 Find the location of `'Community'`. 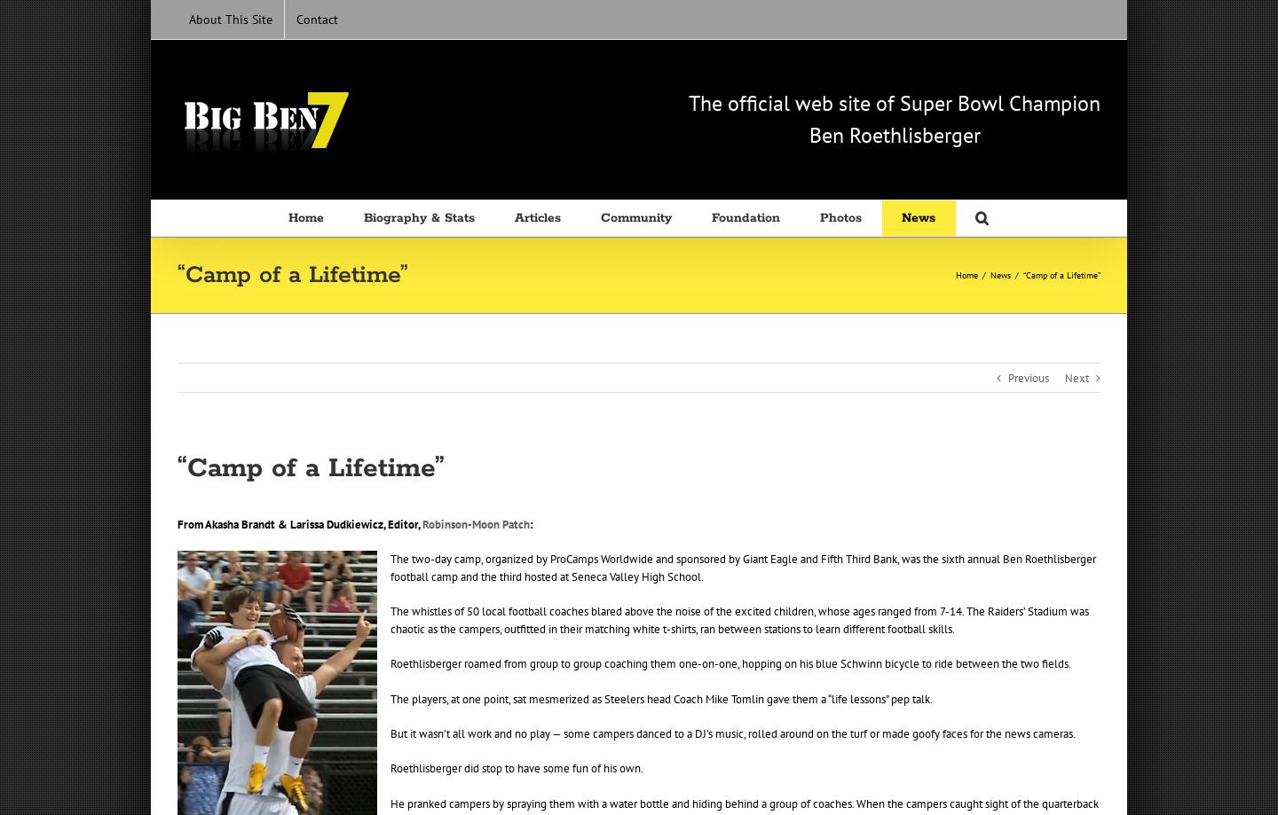

'Community' is located at coordinates (635, 218).